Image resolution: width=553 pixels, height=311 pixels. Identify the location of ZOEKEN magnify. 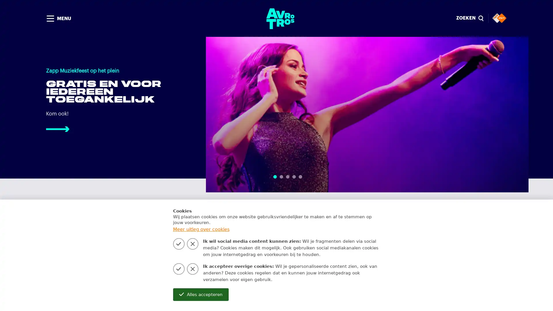
(469, 18).